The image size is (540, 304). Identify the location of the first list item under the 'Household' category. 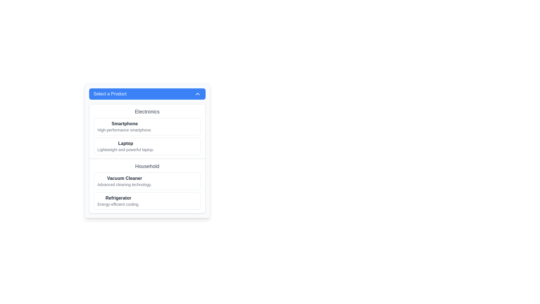
(147, 181).